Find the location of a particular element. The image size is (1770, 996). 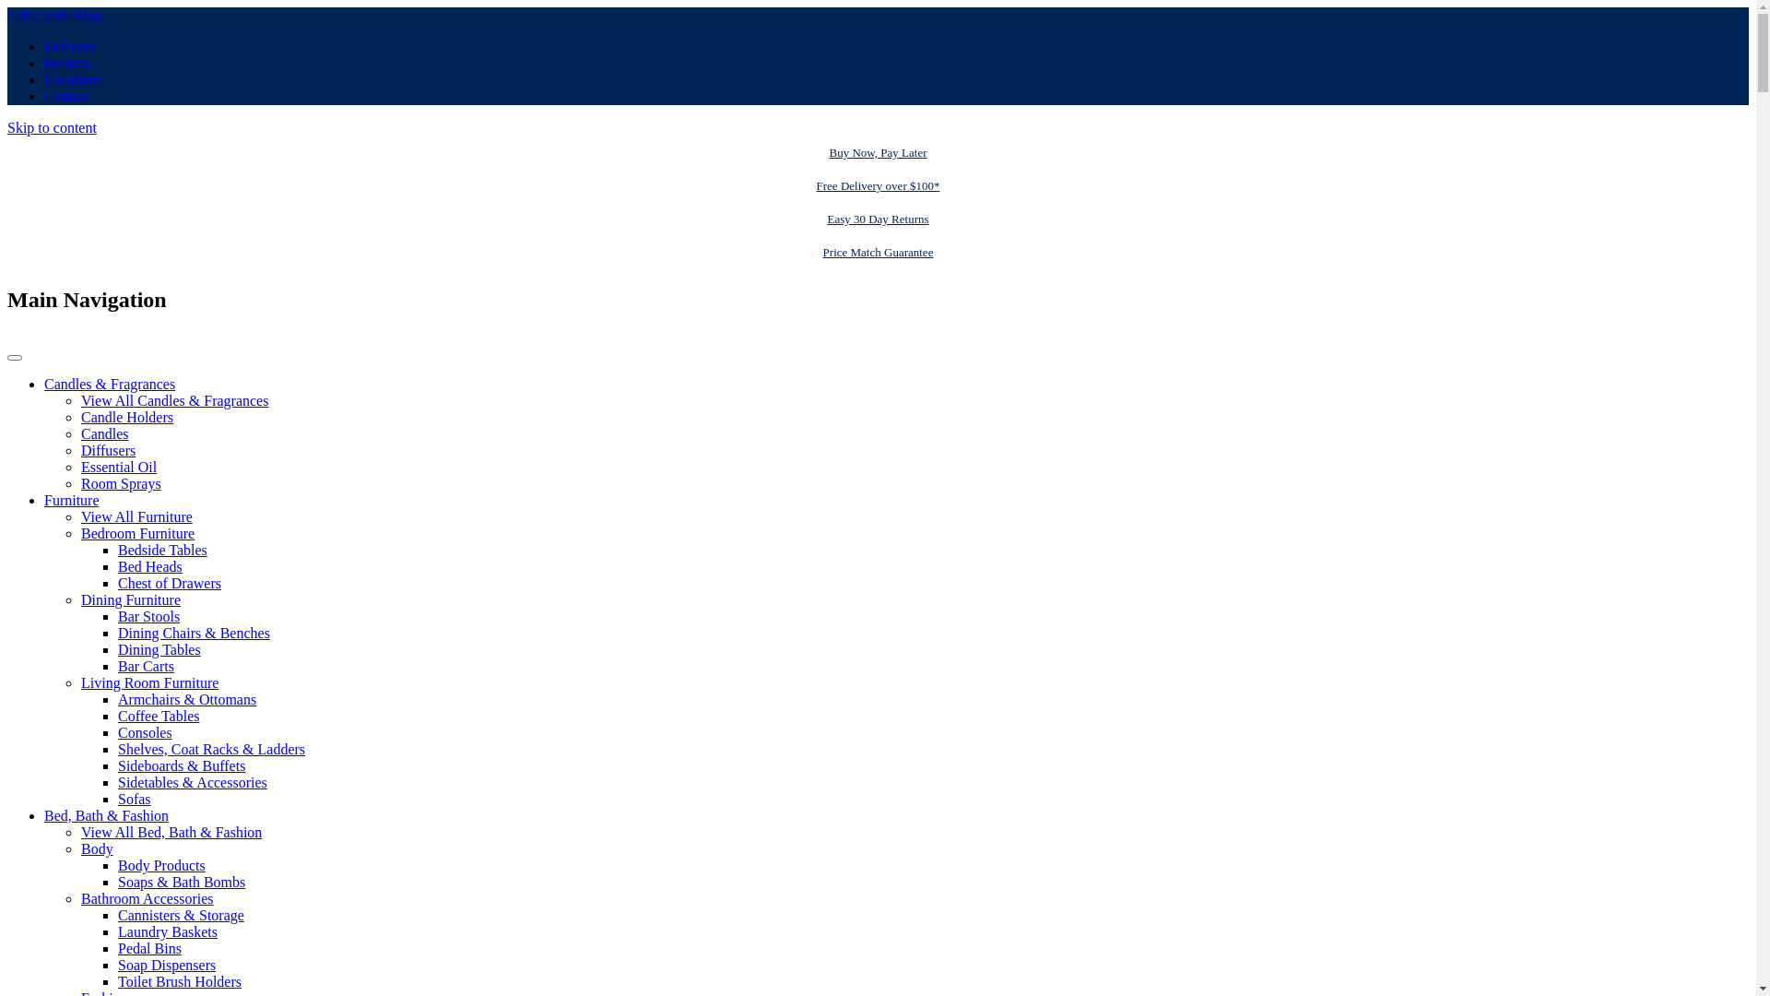

'Skip to content' is located at coordinates (52, 126).